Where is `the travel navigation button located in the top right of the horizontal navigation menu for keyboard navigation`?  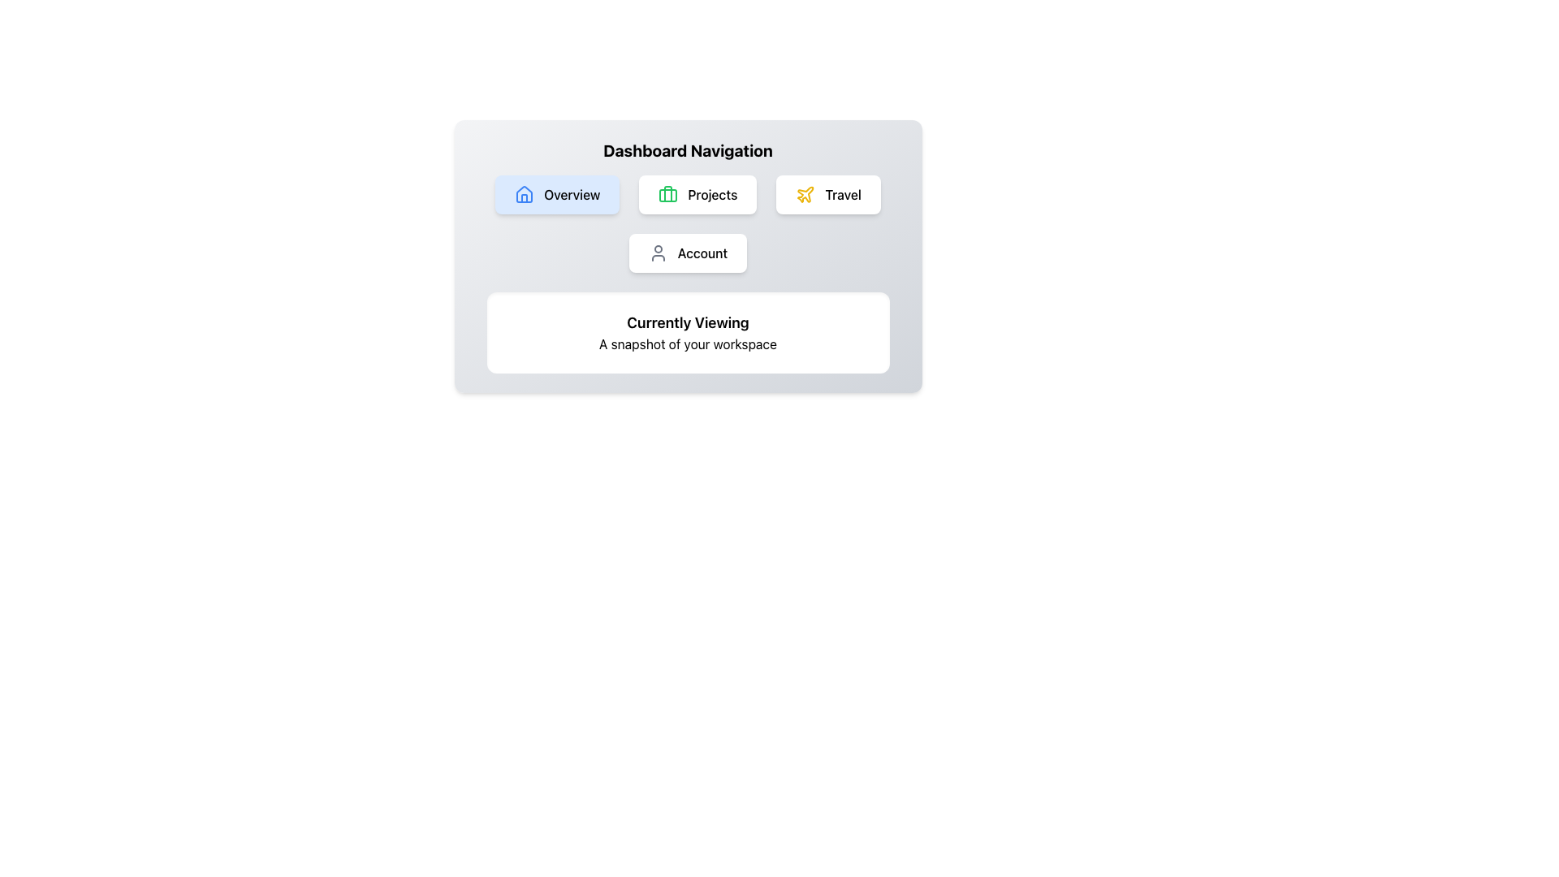 the travel navigation button located in the top right of the horizontal navigation menu for keyboard navigation is located at coordinates (828, 193).